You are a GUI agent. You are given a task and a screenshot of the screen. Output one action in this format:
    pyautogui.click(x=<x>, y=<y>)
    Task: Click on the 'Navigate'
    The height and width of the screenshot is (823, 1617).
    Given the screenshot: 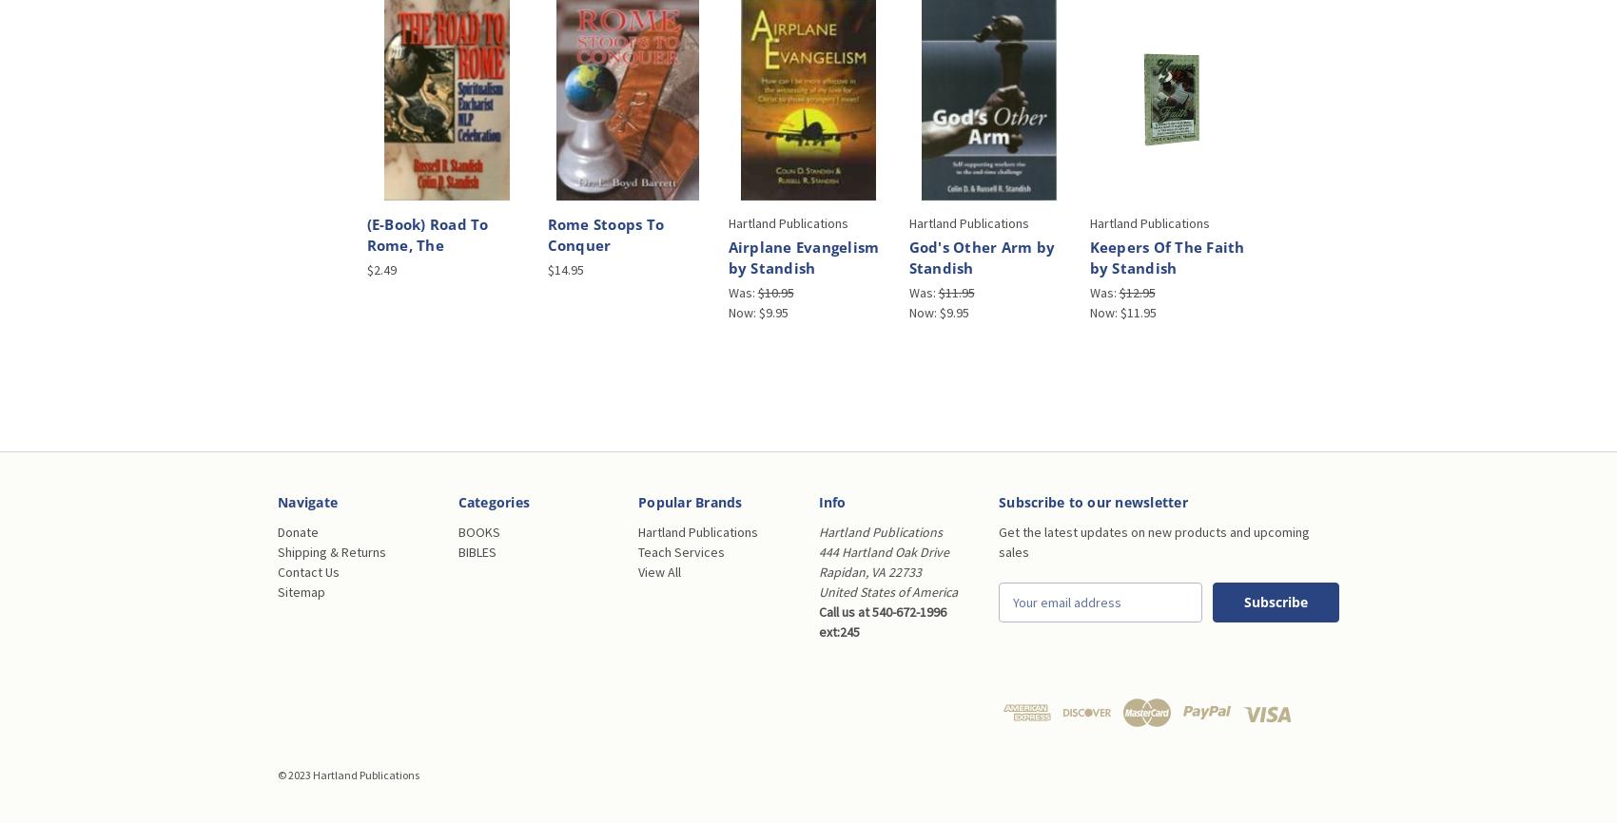 What is the action you would take?
    pyautogui.click(x=306, y=501)
    